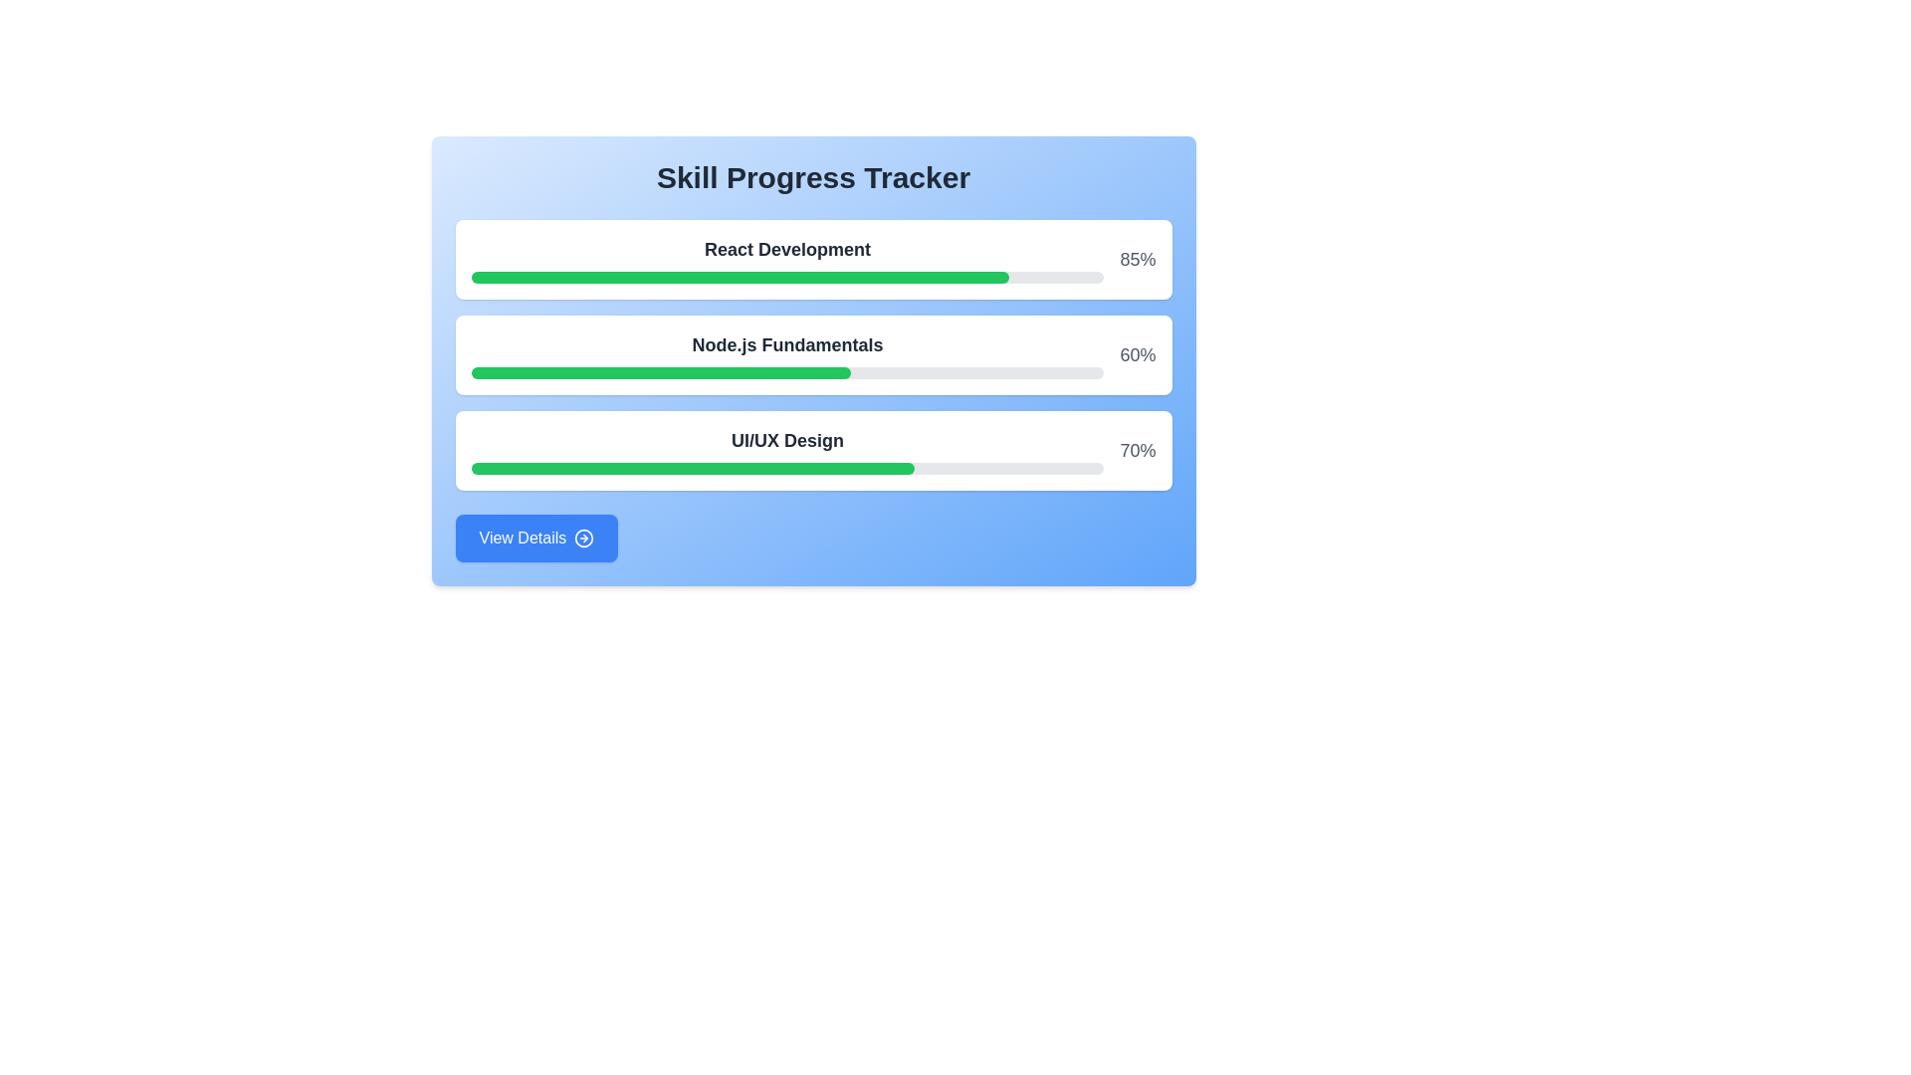 Image resolution: width=1911 pixels, height=1075 pixels. What do you see at coordinates (661, 372) in the screenshot?
I see `the Progress Indicator that visually represents 60% completion of the Node.js Fundamentals task in the Skill Progress Tracker interface` at bounding box center [661, 372].